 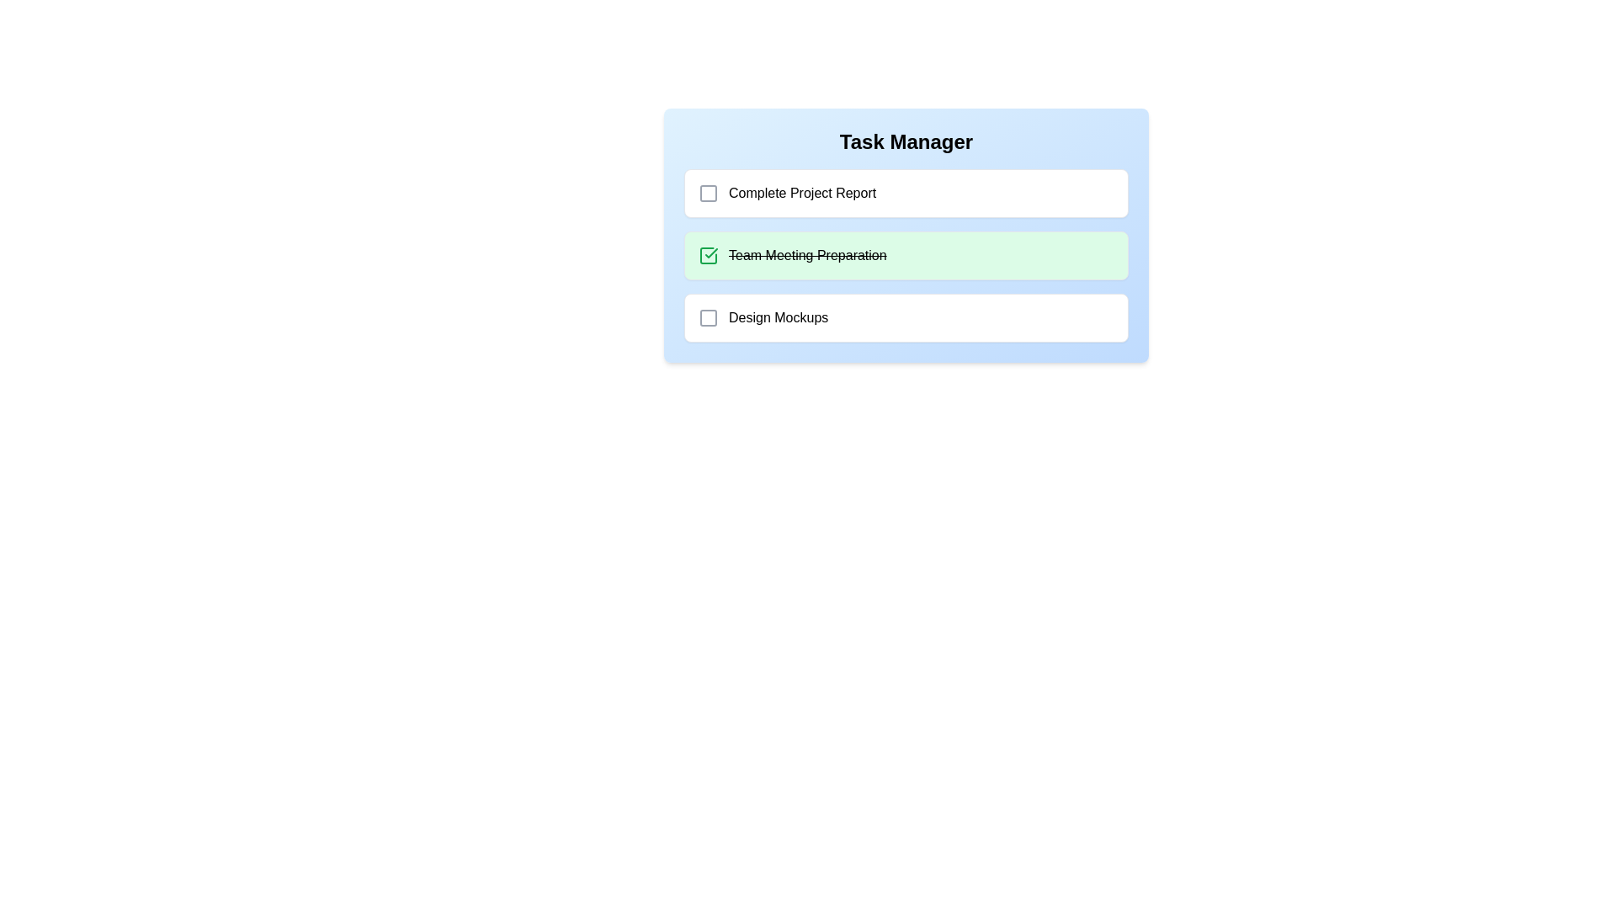 I want to click on the checkbox for the task 'Complete Project Report' to check or uncheck it, so click(x=708, y=193).